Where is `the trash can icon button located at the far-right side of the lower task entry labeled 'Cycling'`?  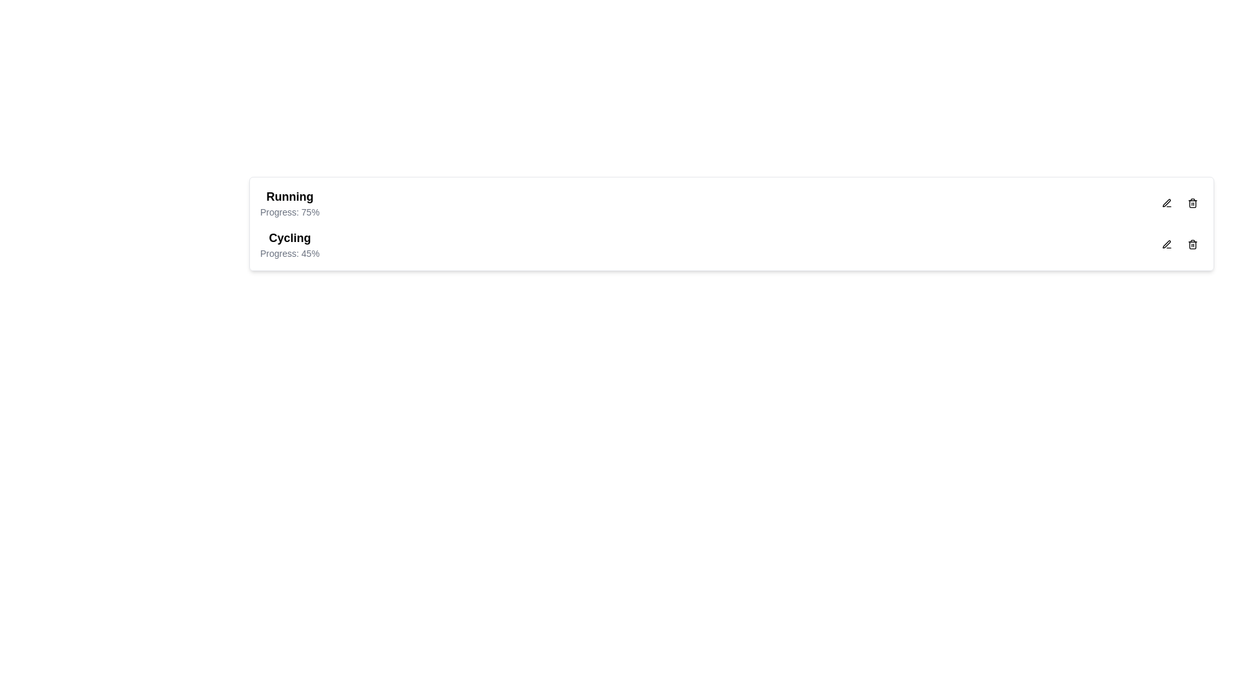
the trash can icon button located at the far-right side of the lower task entry labeled 'Cycling' is located at coordinates (1192, 203).